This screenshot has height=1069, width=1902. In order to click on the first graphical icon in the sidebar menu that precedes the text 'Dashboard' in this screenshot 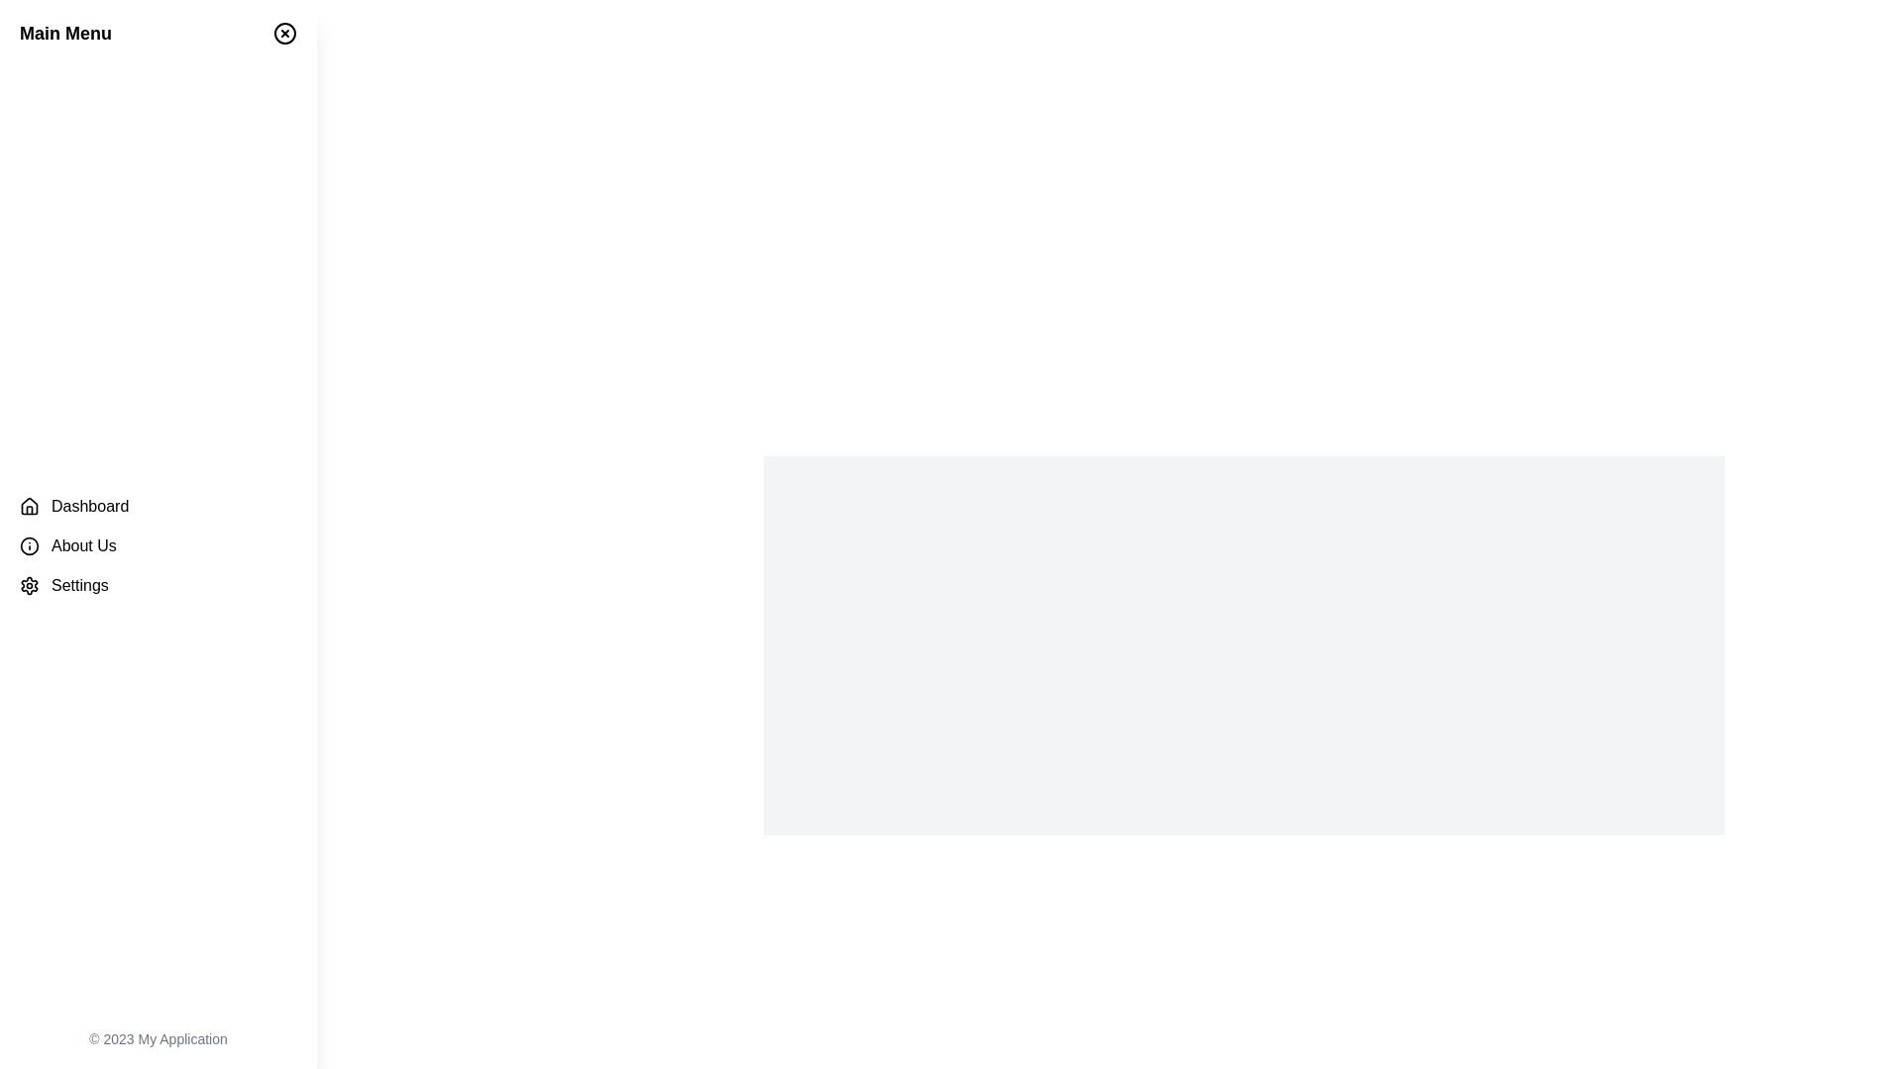, I will do `click(29, 506)`.